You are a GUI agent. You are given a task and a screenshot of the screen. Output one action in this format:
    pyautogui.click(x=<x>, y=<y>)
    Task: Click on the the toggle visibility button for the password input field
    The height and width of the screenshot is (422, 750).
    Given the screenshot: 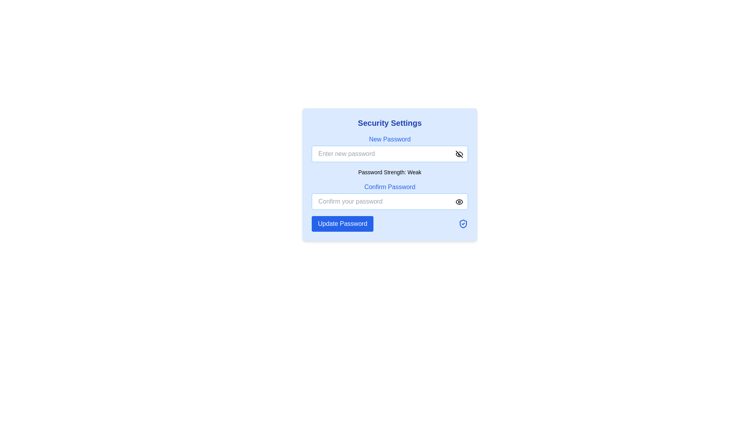 What is the action you would take?
    pyautogui.click(x=459, y=201)
    